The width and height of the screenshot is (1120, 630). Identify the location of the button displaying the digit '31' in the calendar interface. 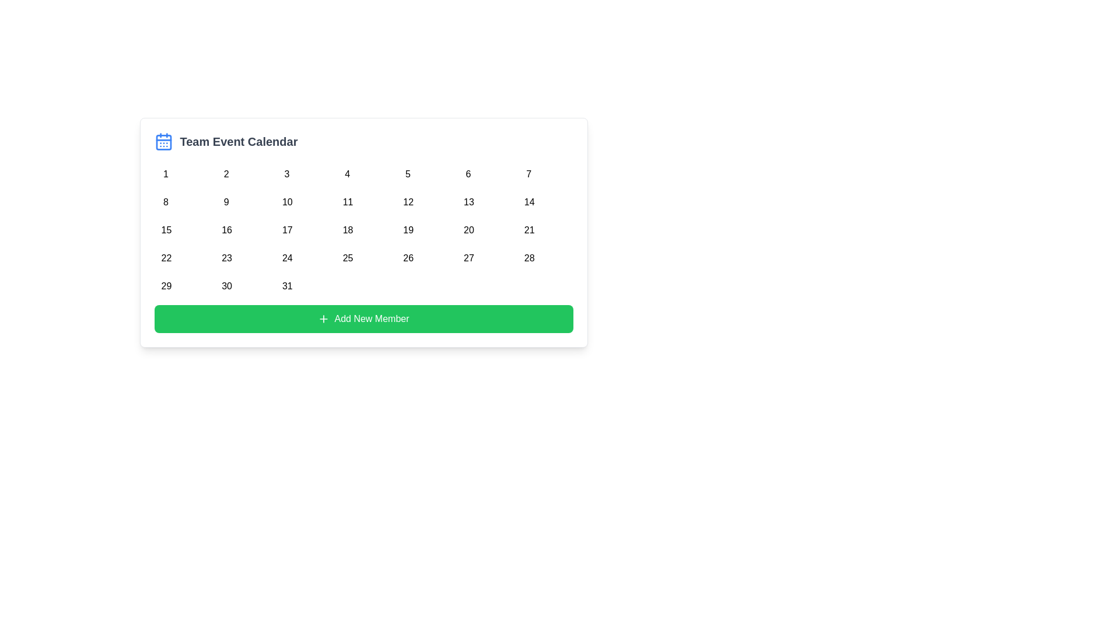
(286, 283).